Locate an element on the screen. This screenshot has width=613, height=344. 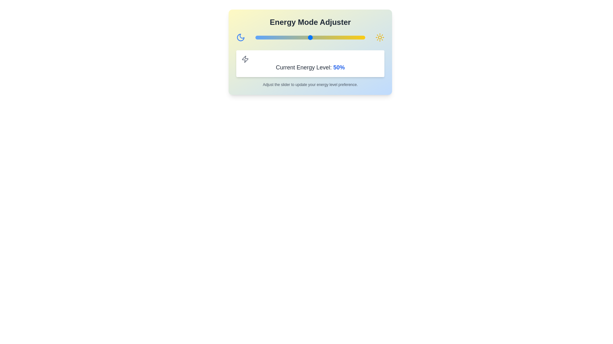
the slider to set the energy level to 43% is located at coordinates (302, 38).